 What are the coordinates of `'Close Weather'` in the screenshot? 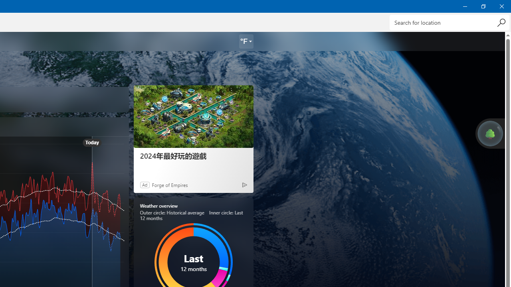 It's located at (501, 6).